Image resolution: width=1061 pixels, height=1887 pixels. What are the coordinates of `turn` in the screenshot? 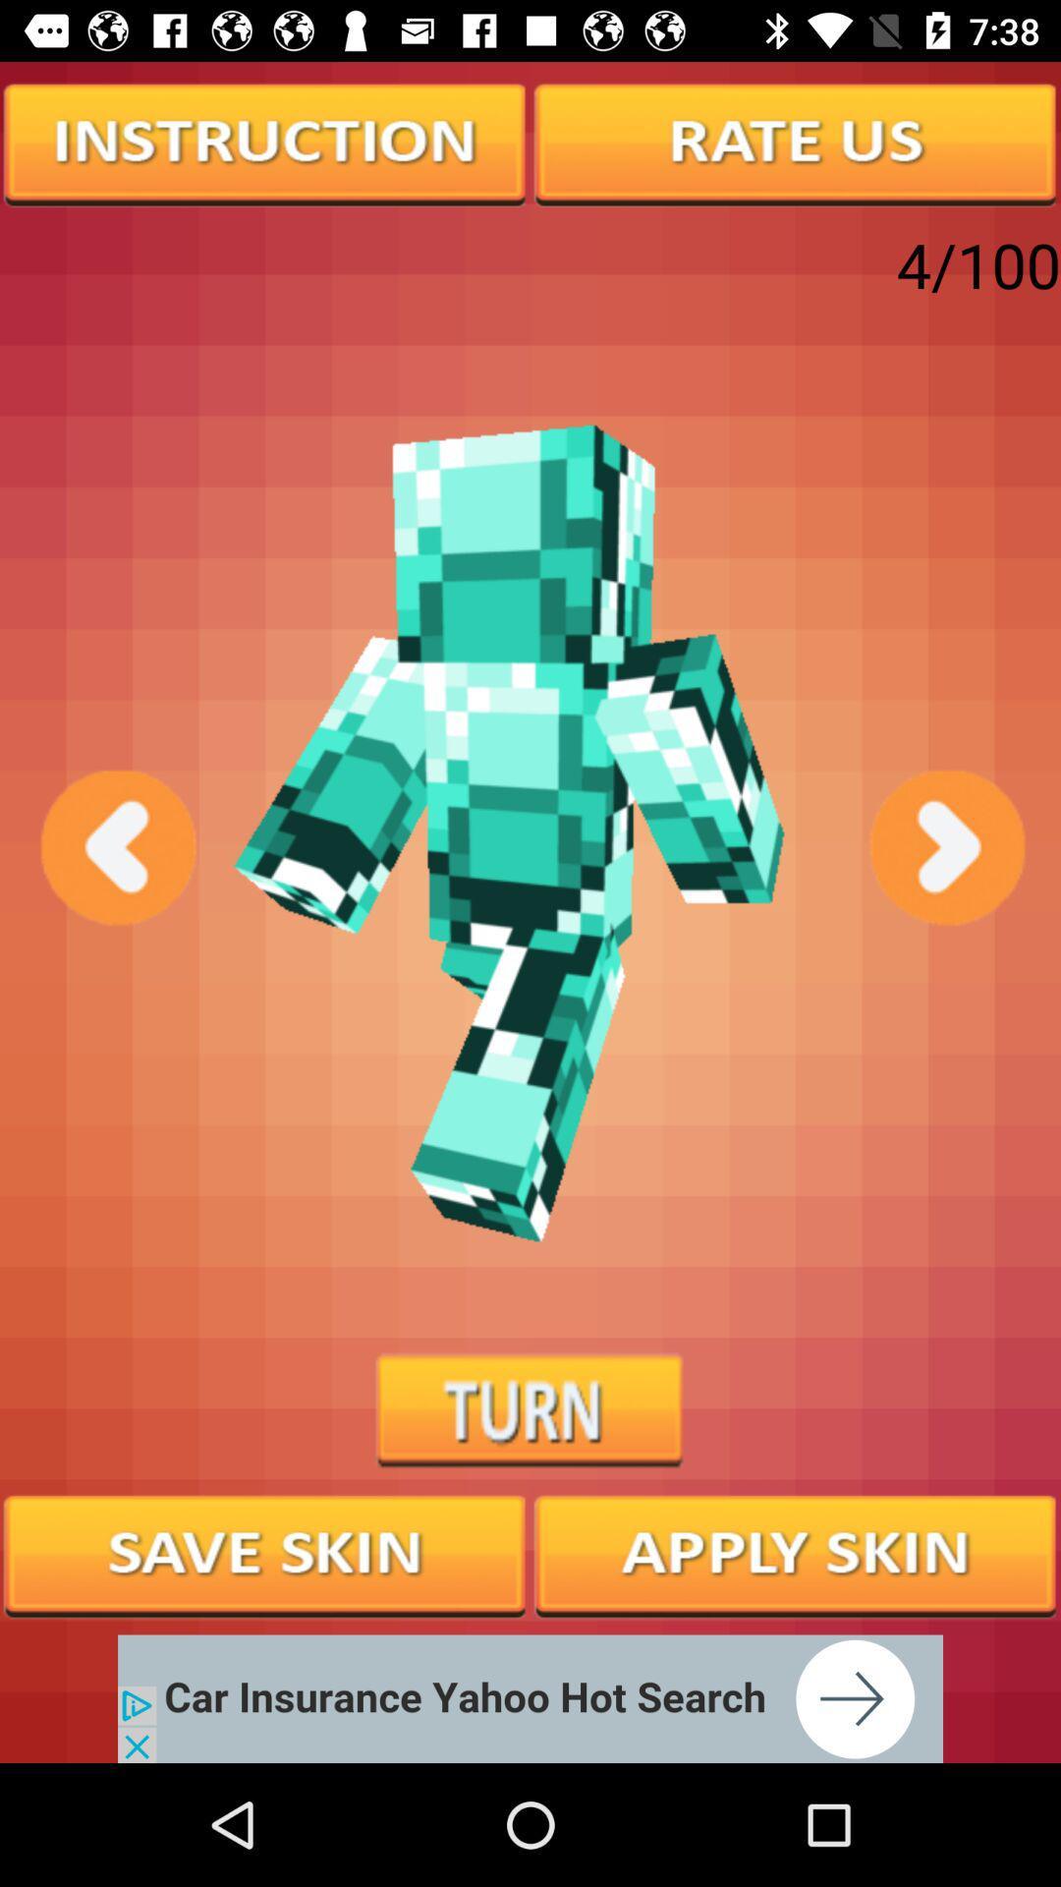 It's located at (530, 1410).